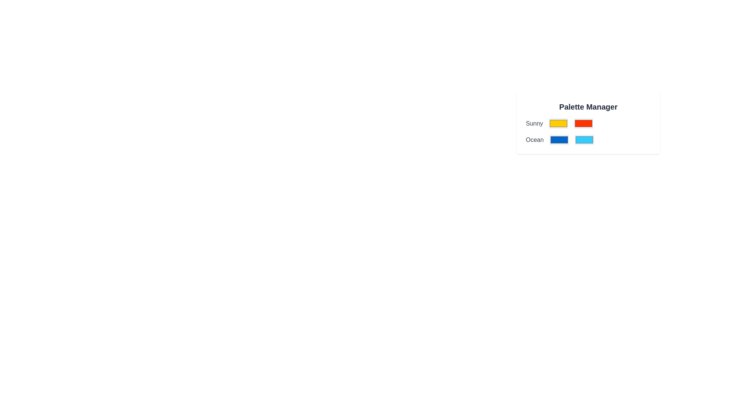 This screenshot has width=730, height=411. Describe the element at coordinates (559, 140) in the screenshot. I see `the rectangular blue color input box representing the second color option` at that location.